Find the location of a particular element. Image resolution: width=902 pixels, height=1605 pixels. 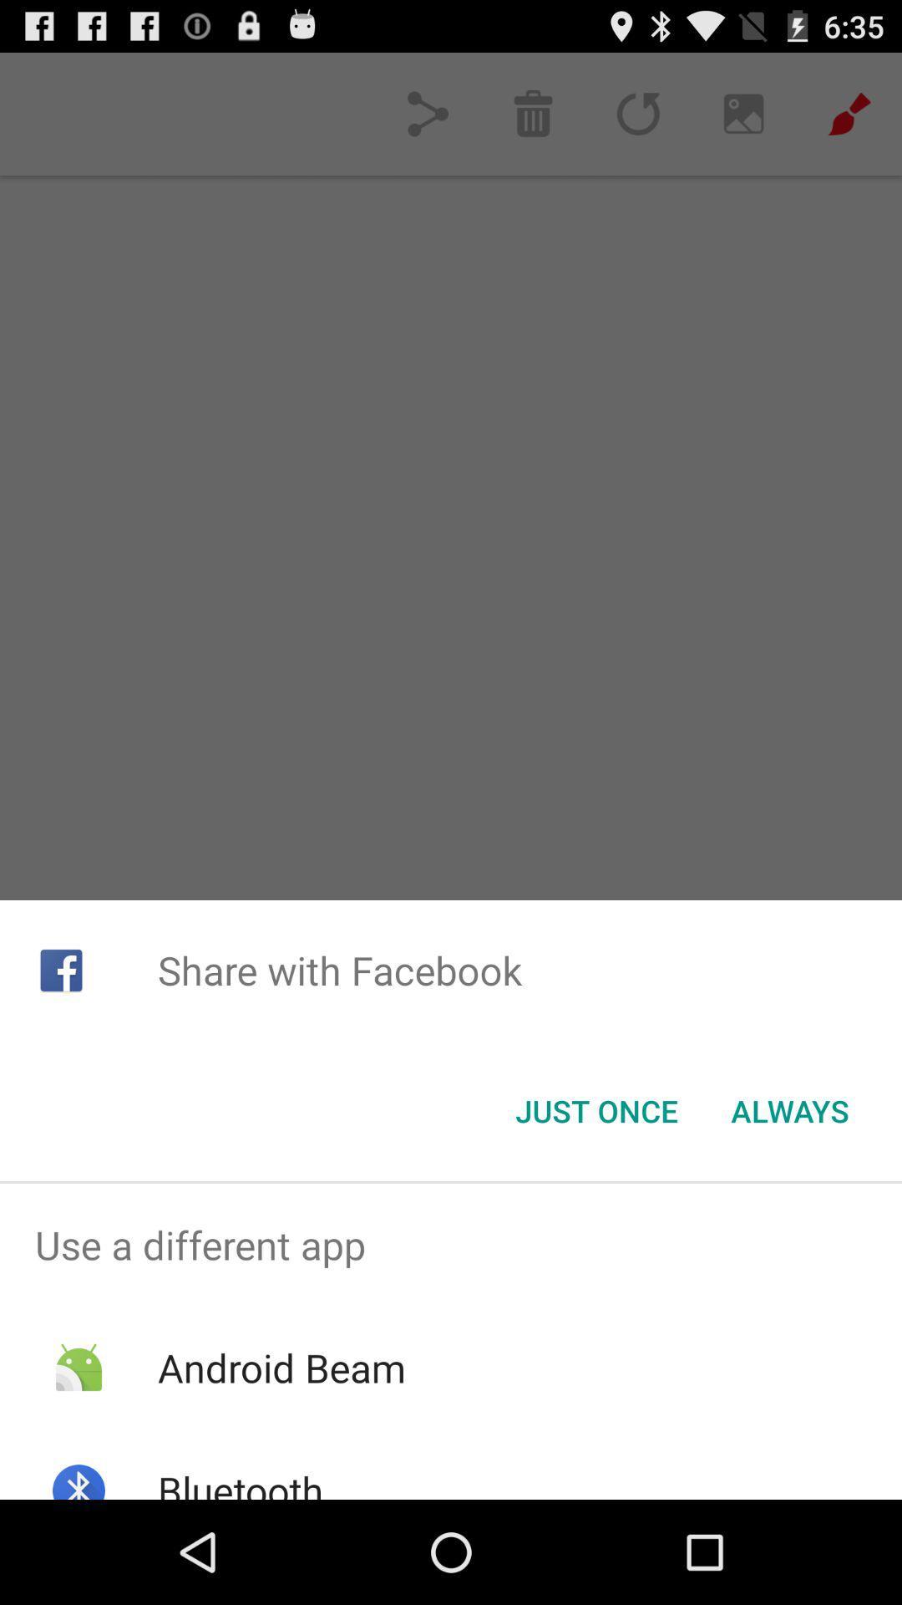

the item above android beam app is located at coordinates (451, 1245).